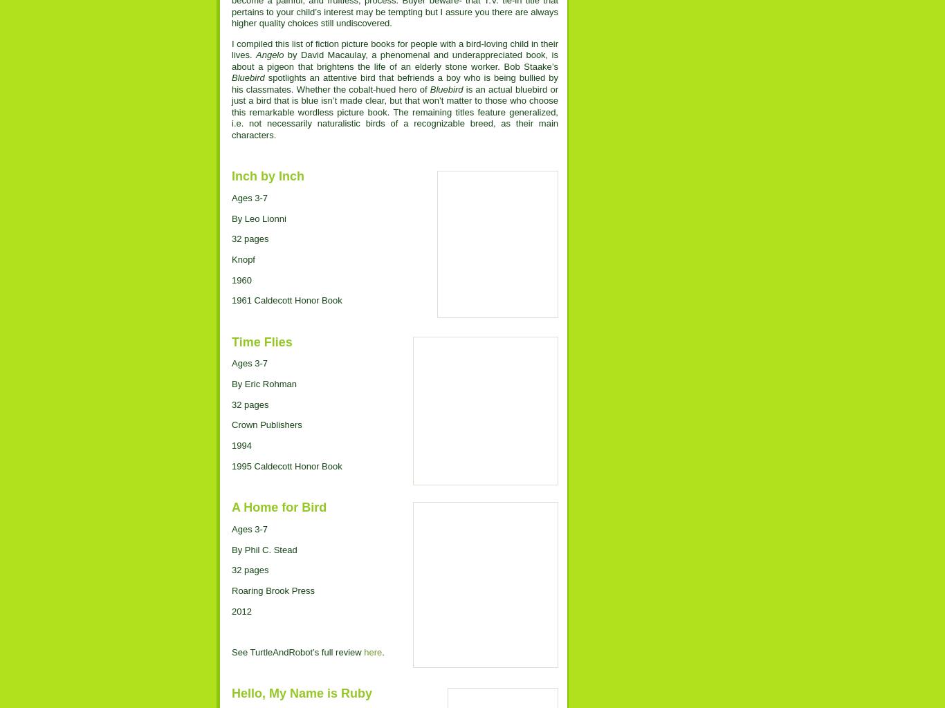  Describe the element at coordinates (263, 384) in the screenshot. I see `'By Eric Rohman'` at that location.